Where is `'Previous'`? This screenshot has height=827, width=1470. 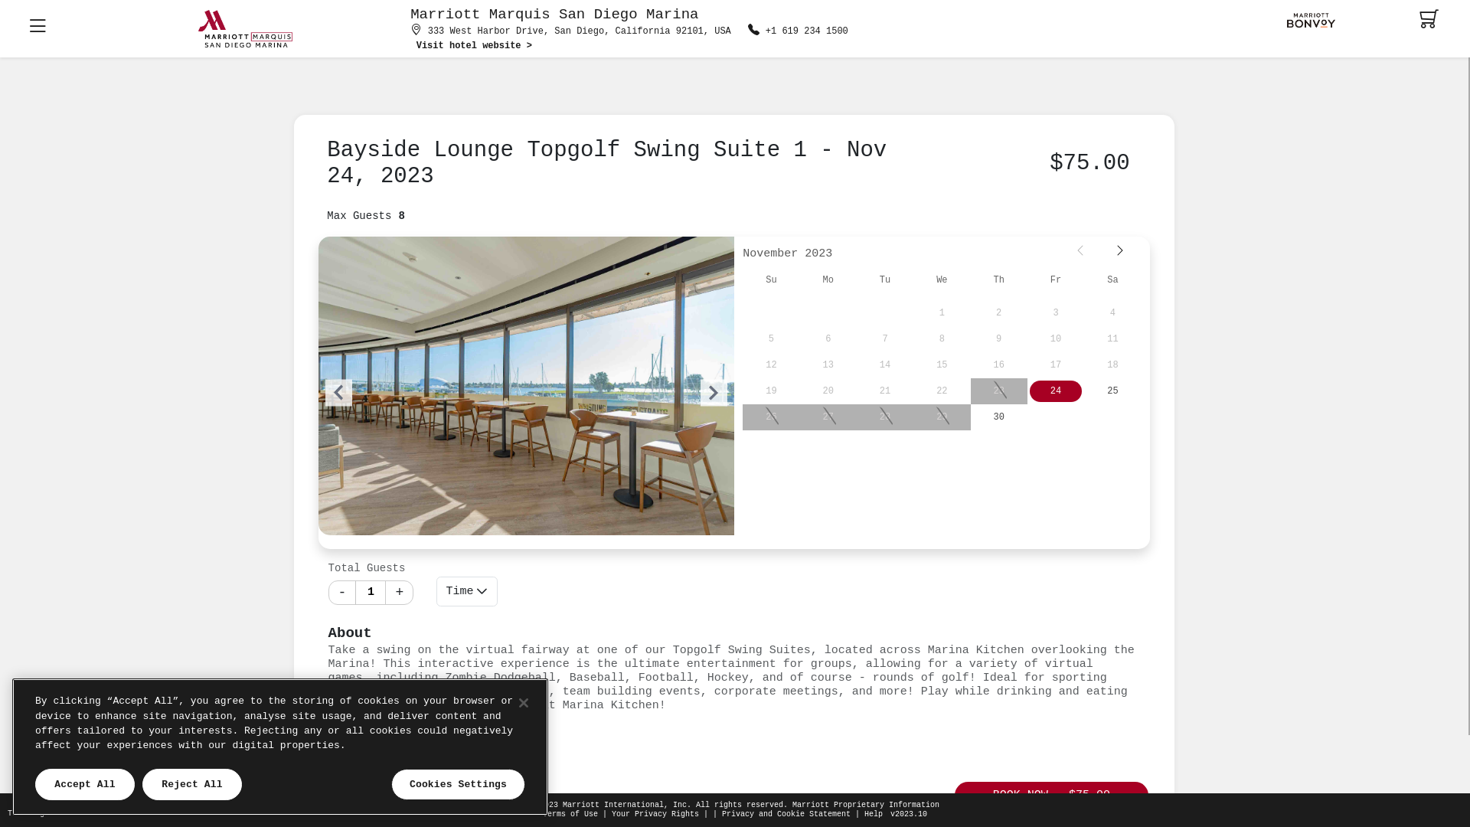
'Previous' is located at coordinates (325, 391).